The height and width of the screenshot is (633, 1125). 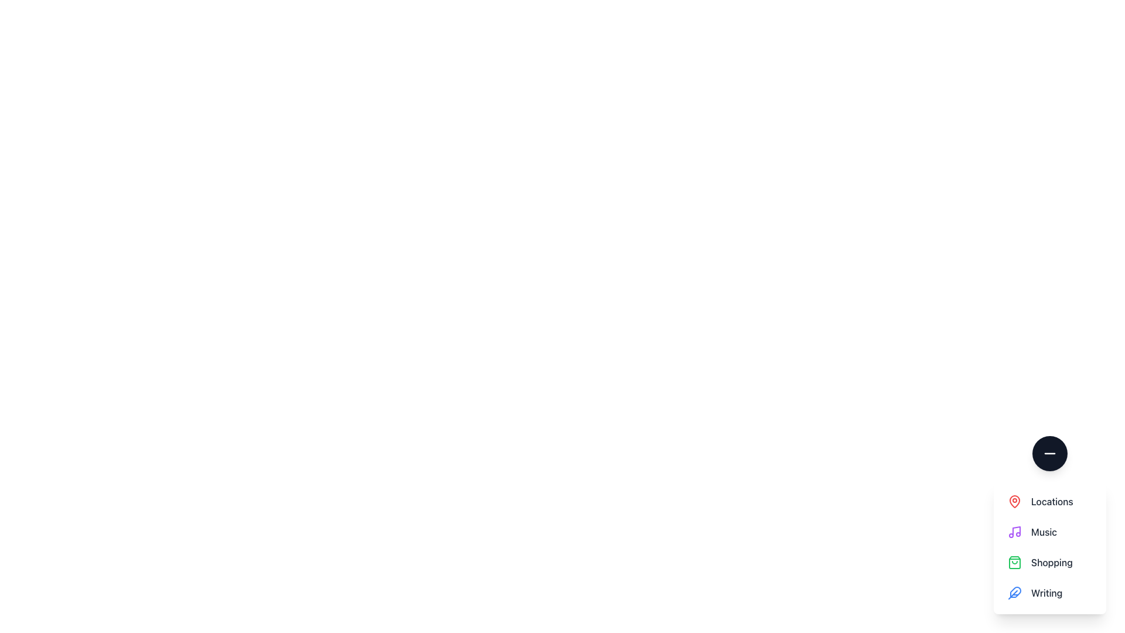 What do you see at coordinates (1049, 501) in the screenshot?
I see `the 'Locations' menu item, which features a red map pin icon and bold gray text` at bounding box center [1049, 501].